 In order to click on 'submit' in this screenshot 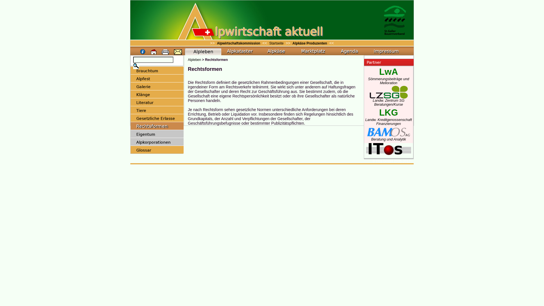, I will do `click(133, 65)`.